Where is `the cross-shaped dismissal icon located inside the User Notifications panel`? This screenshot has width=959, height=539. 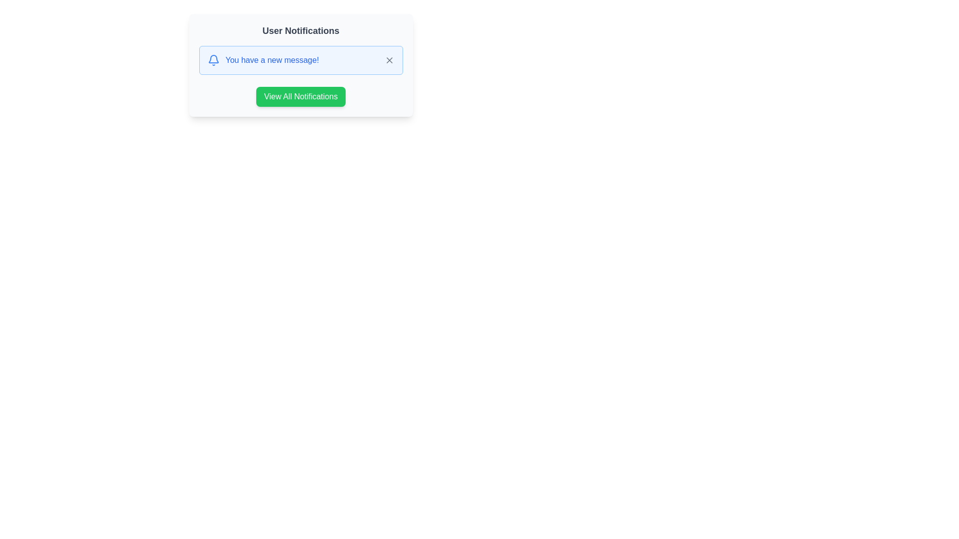
the cross-shaped dismissal icon located inside the User Notifications panel is located at coordinates (389, 60).